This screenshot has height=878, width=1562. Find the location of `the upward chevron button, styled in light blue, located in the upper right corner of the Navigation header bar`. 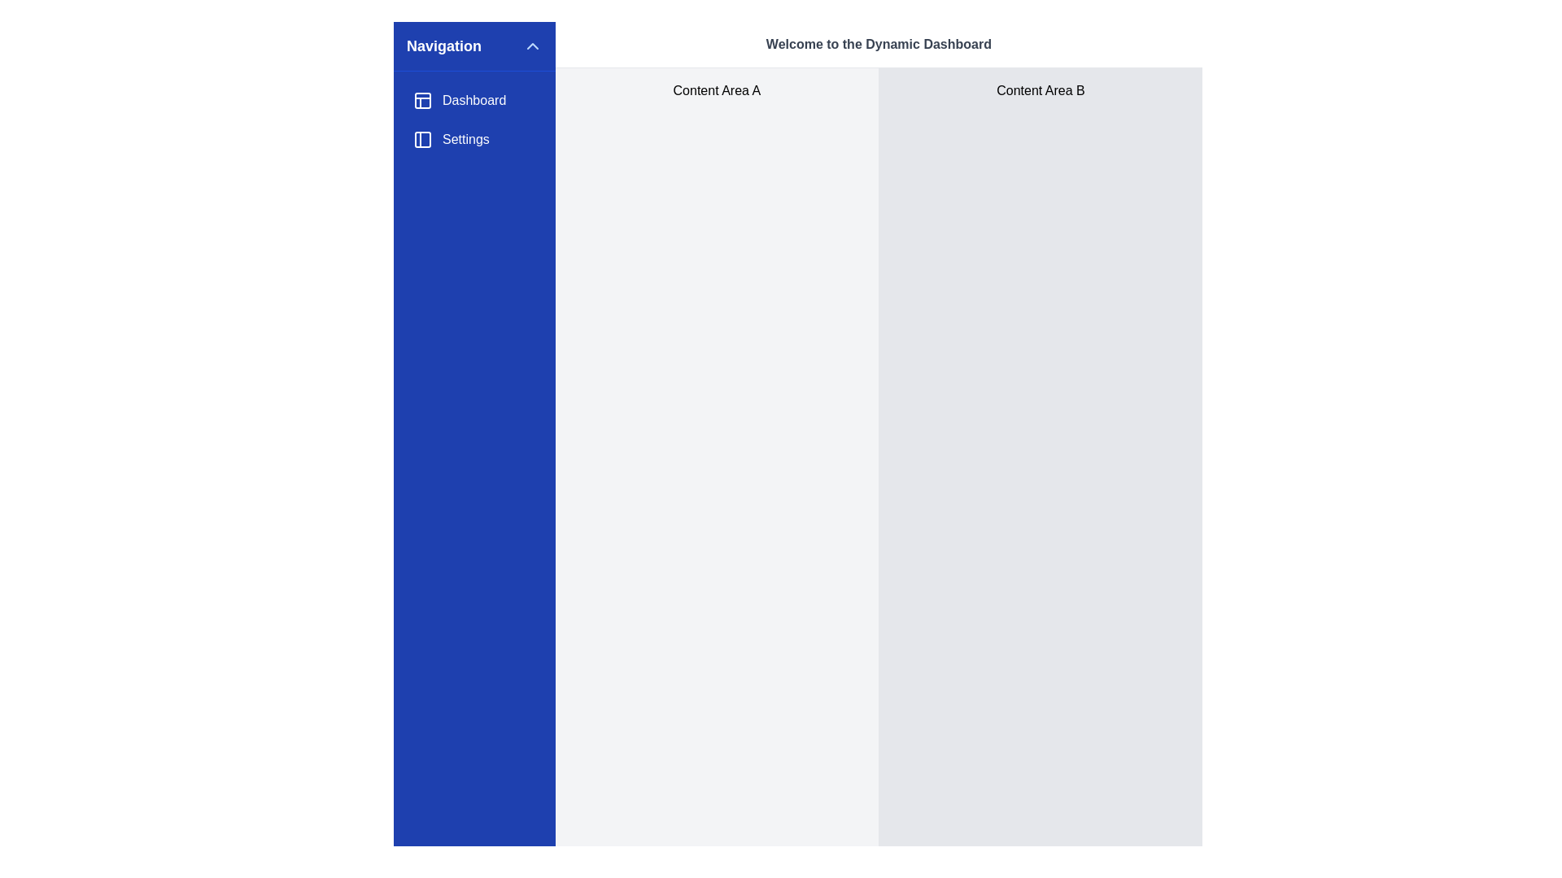

the upward chevron button, styled in light blue, located in the upper right corner of the Navigation header bar is located at coordinates (532, 46).